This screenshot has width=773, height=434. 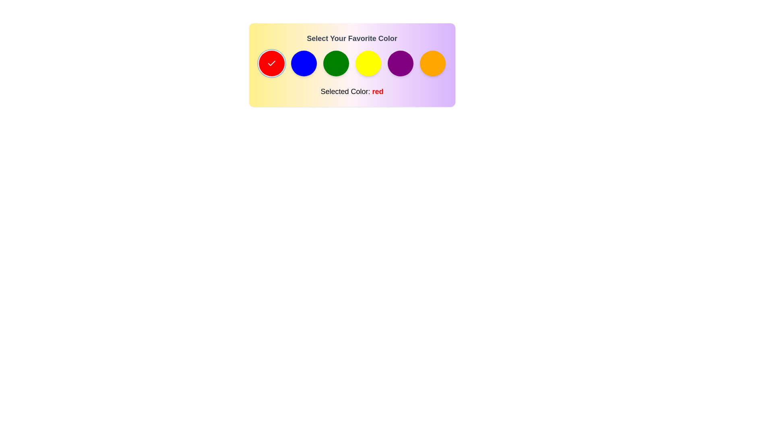 What do you see at coordinates (400, 63) in the screenshot?
I see `the color purple from the palette` at bounding box center [400, 63].